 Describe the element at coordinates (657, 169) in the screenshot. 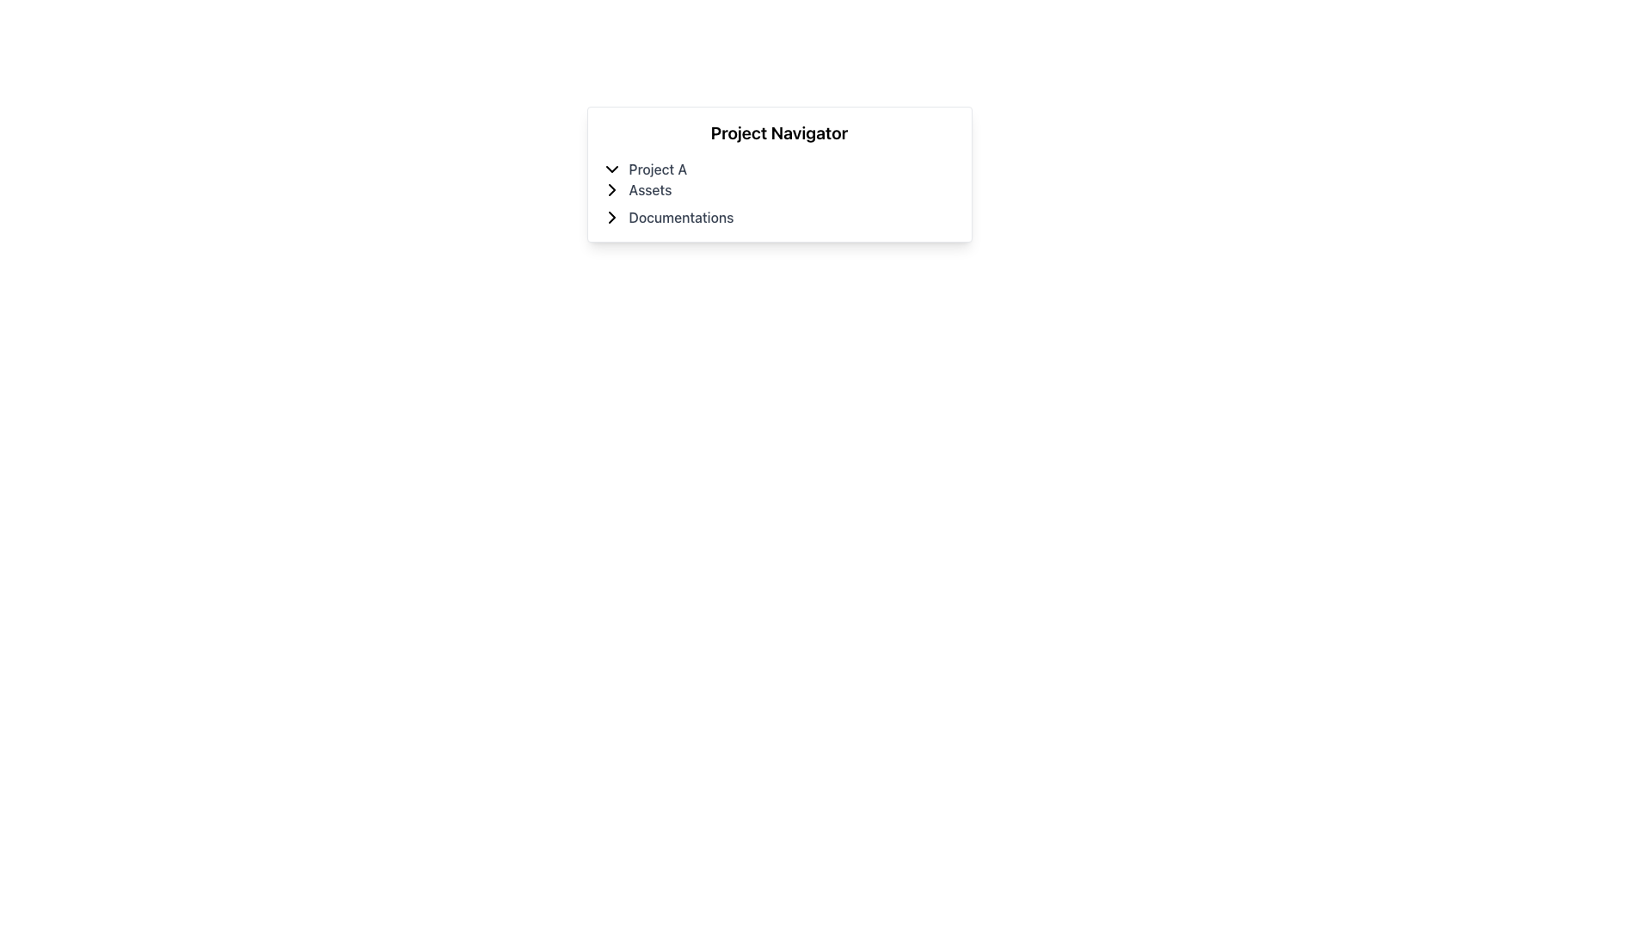

I see `the text label displaying 'Project A', which is styled with medium font weight and gray color, located to the right of an arrow icon at the top of a dropdown menu` at that location.